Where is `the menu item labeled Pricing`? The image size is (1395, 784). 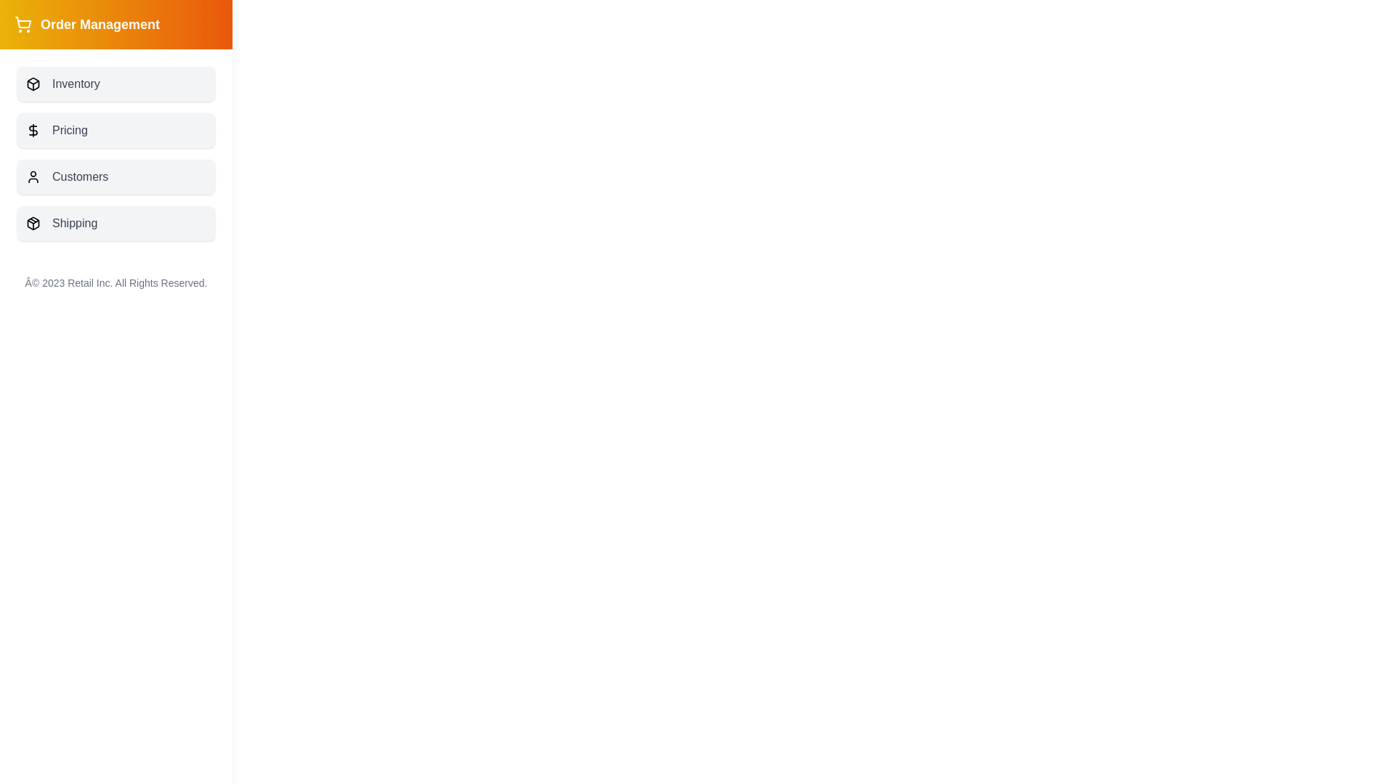
the menu item labeled Pricing is located at coordinates (115, 131).